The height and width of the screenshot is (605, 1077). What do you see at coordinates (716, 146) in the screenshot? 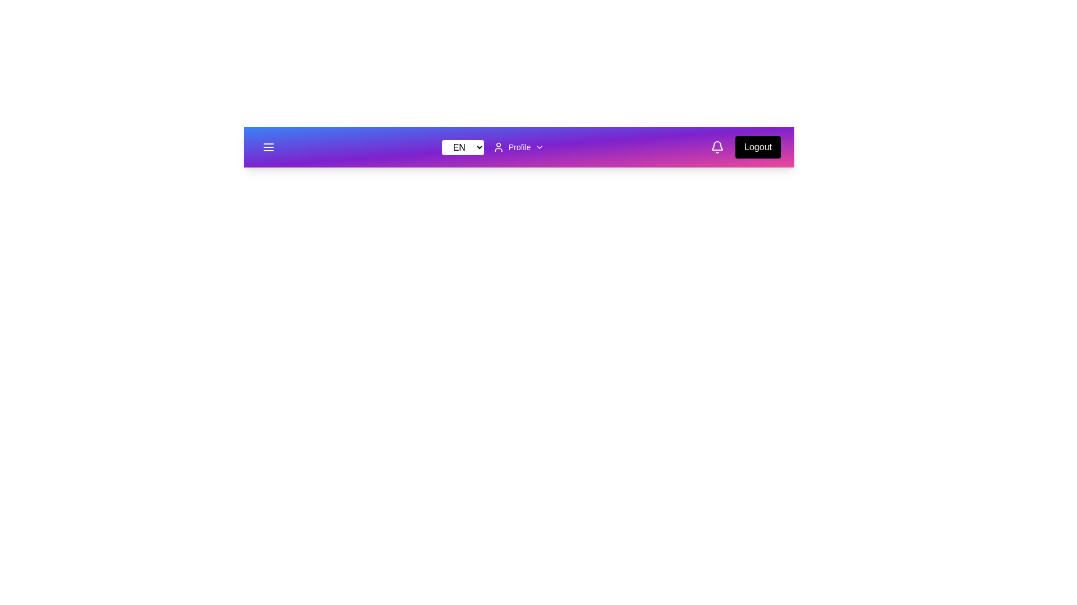
I see `the bell icon to open notifications` at bounding box center [716, 146].